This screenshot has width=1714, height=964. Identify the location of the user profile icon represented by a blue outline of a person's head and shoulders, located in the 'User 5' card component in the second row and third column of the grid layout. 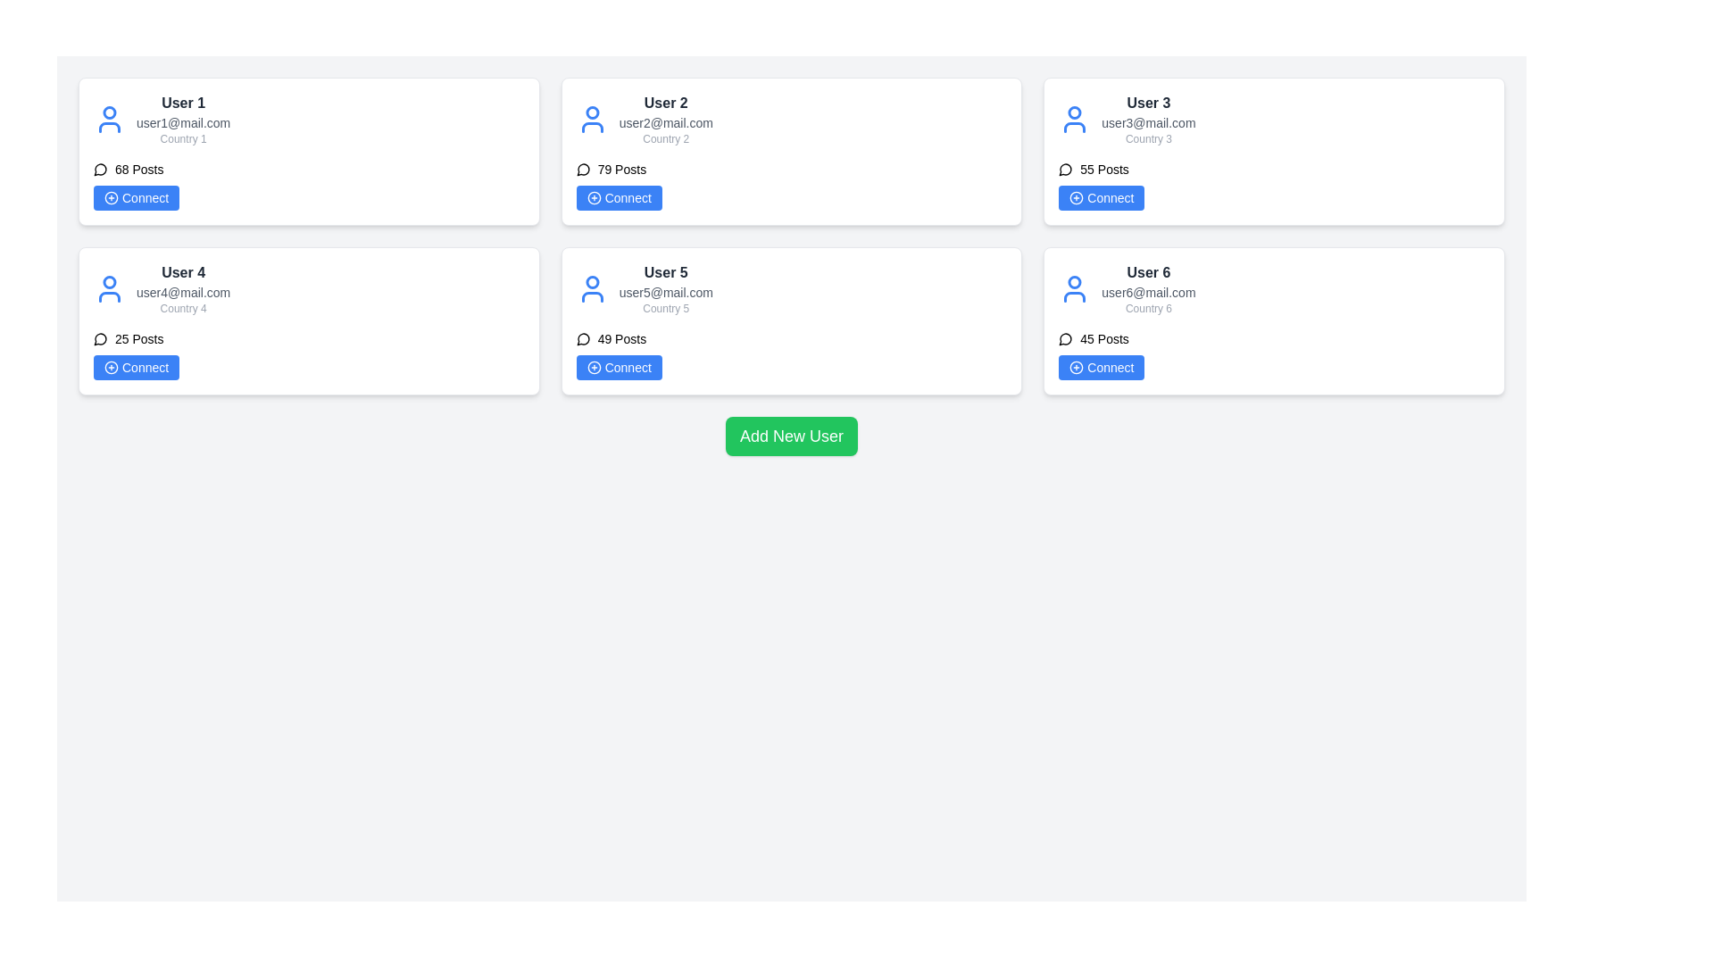
(592, 288).